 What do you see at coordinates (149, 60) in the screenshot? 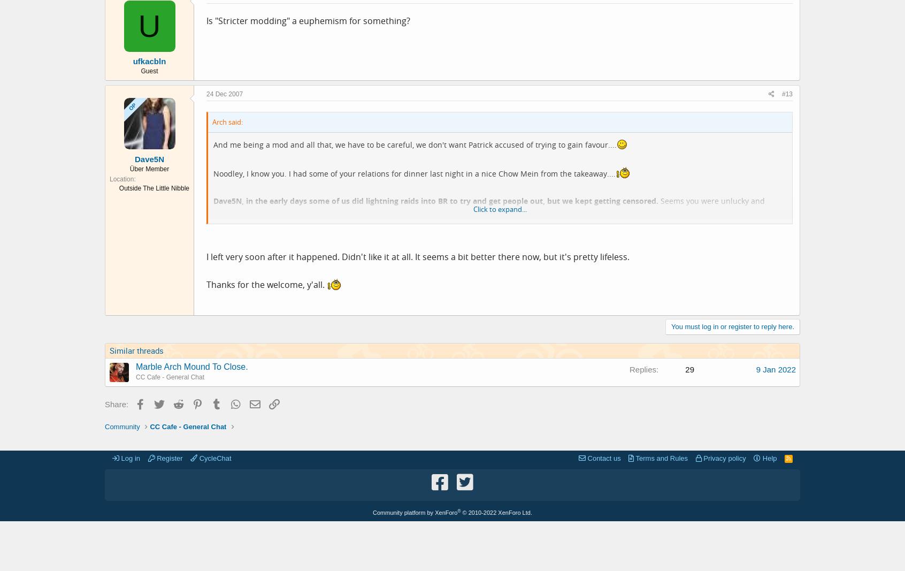
I see `'ufkacbln'` at bounding box center [149, 60].